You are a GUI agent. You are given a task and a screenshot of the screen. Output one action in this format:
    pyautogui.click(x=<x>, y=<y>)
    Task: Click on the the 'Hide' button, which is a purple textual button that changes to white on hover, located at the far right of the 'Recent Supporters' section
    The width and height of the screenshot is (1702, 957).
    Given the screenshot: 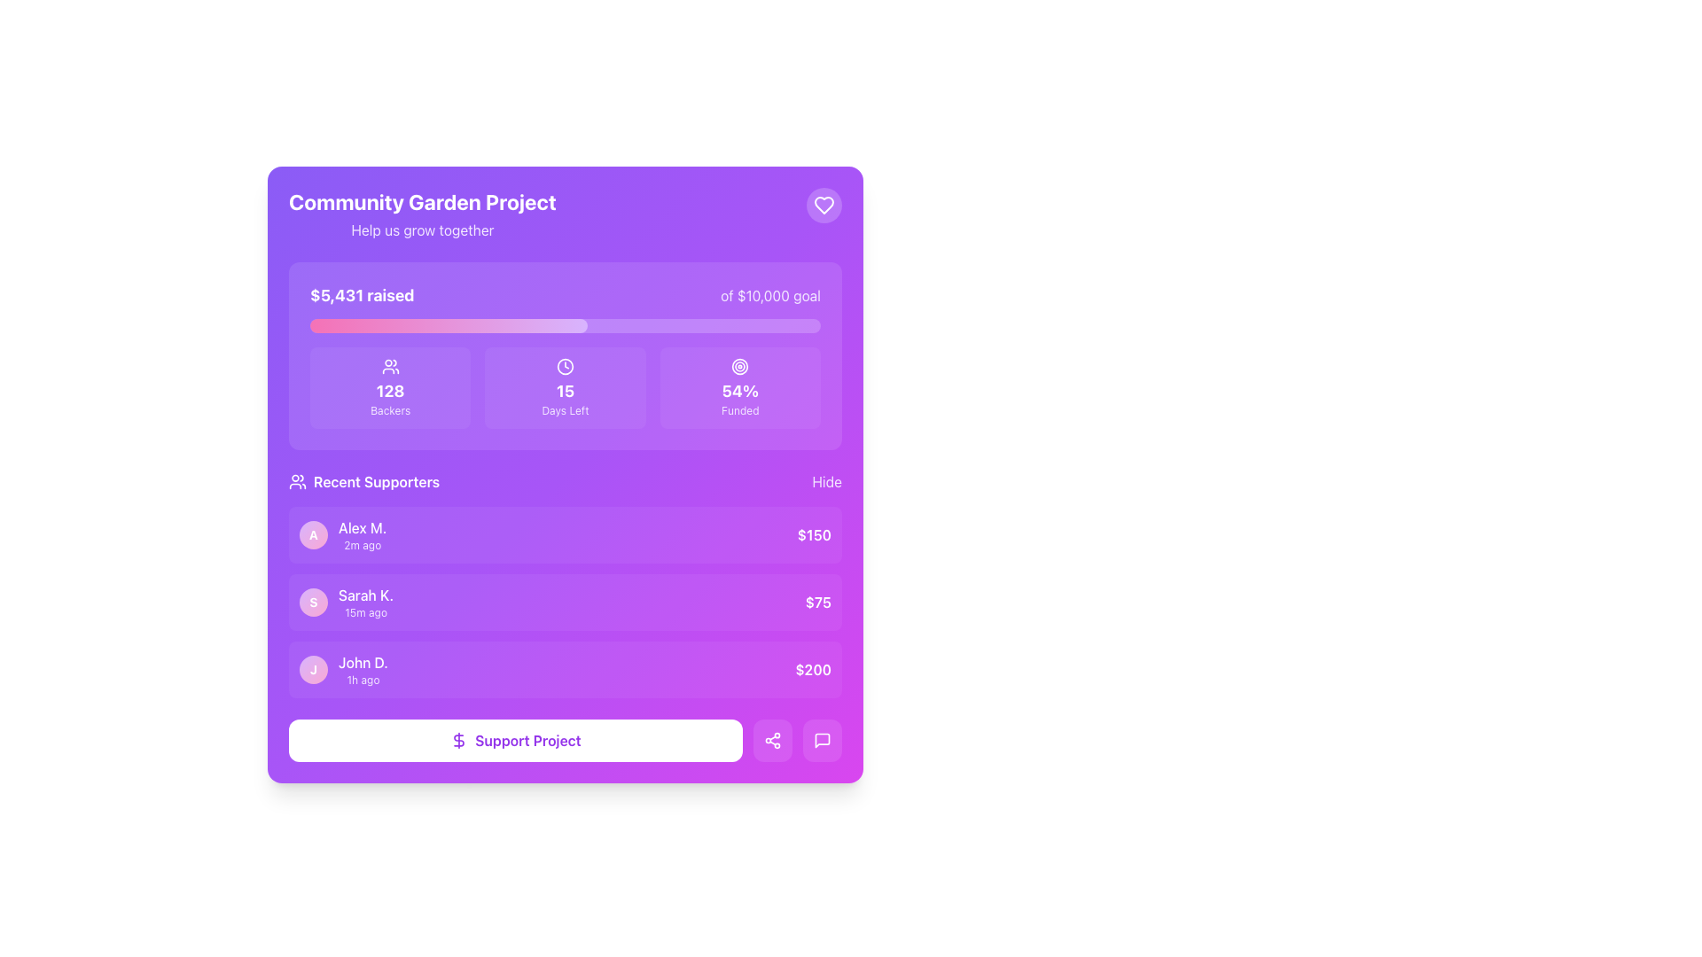 What is the action you would take?
    pyautogui.click(x=826, y=481)
    